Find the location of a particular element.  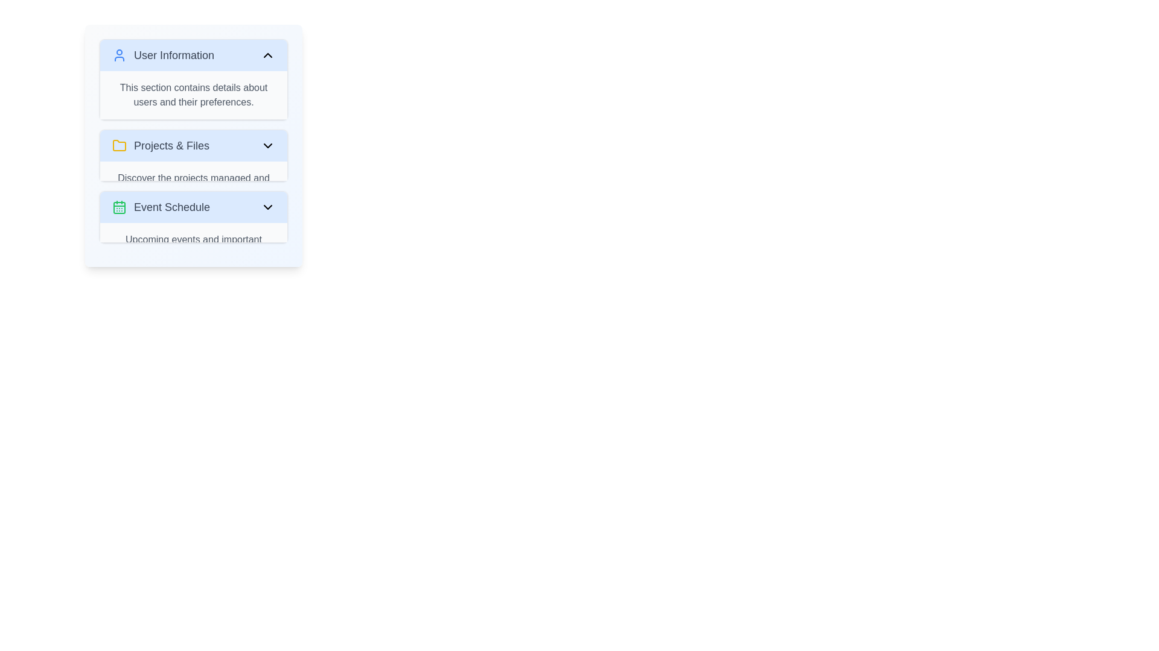

the 'User Information' section header, which is a non-interactive label positioned at the top of a vertical layout, to the left of the downward-pointing arrow icon is located at coordinates (162, 55).